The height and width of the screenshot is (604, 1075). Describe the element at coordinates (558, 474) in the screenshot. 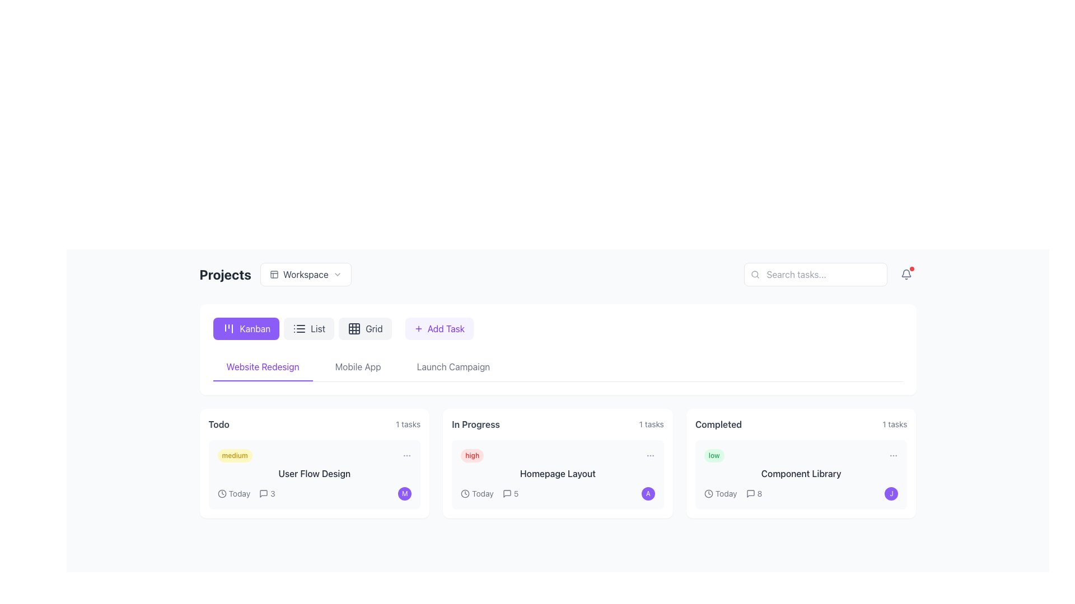

I see `the 'Homepage Layout' task card in the 'In Progress' column` at that location.